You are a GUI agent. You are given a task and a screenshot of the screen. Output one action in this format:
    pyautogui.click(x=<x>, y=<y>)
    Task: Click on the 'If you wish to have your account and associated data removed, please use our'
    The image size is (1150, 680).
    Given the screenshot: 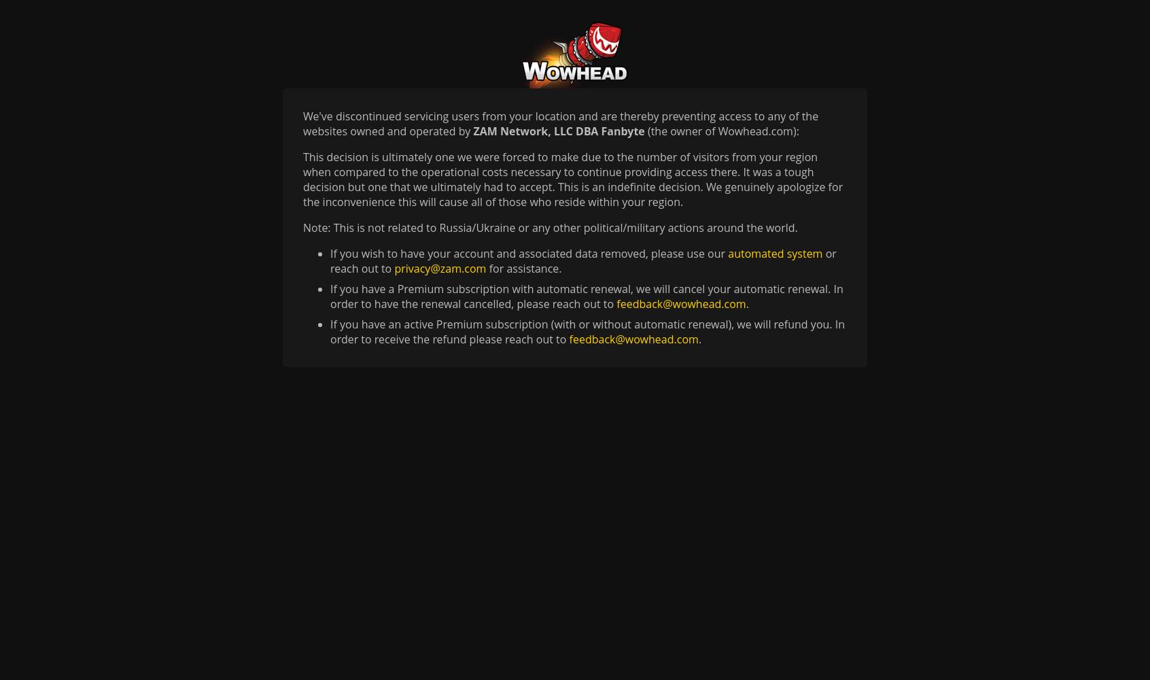 What is the action you would take?
    pyautogui.click(x=529, y=253)
    